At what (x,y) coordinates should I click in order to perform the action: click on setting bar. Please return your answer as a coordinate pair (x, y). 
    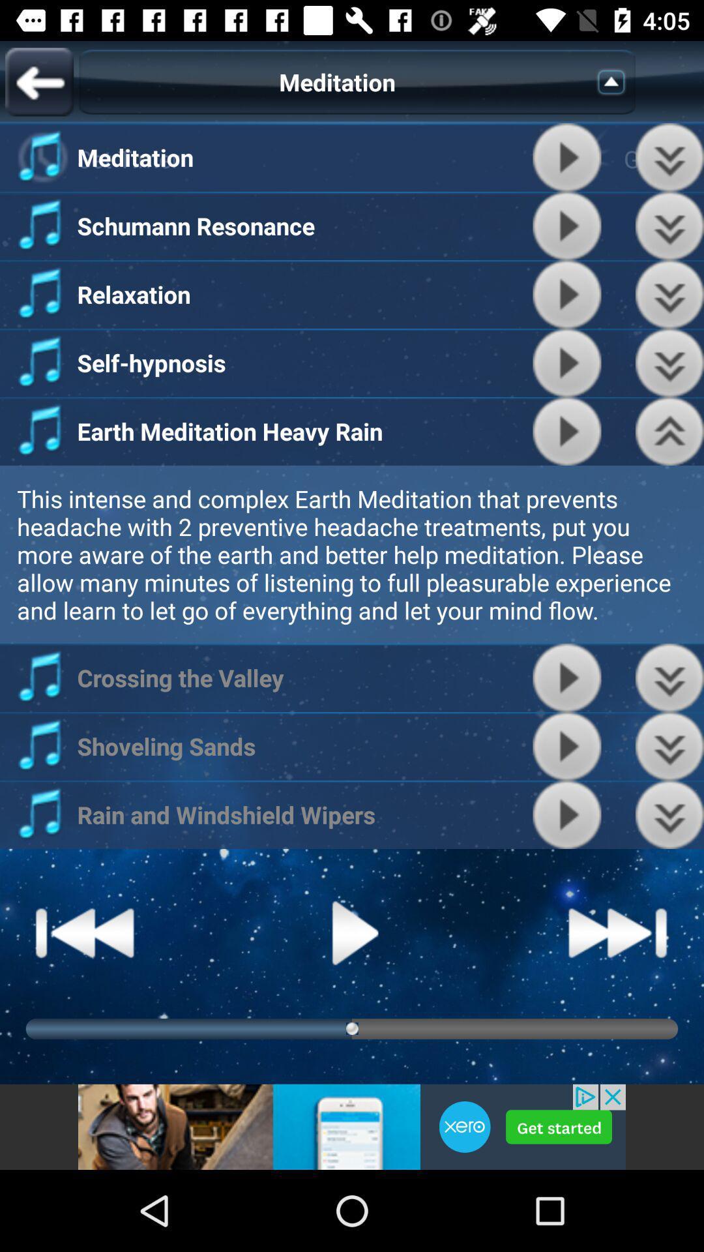
    Looking at the image, I should click on (669, 226).